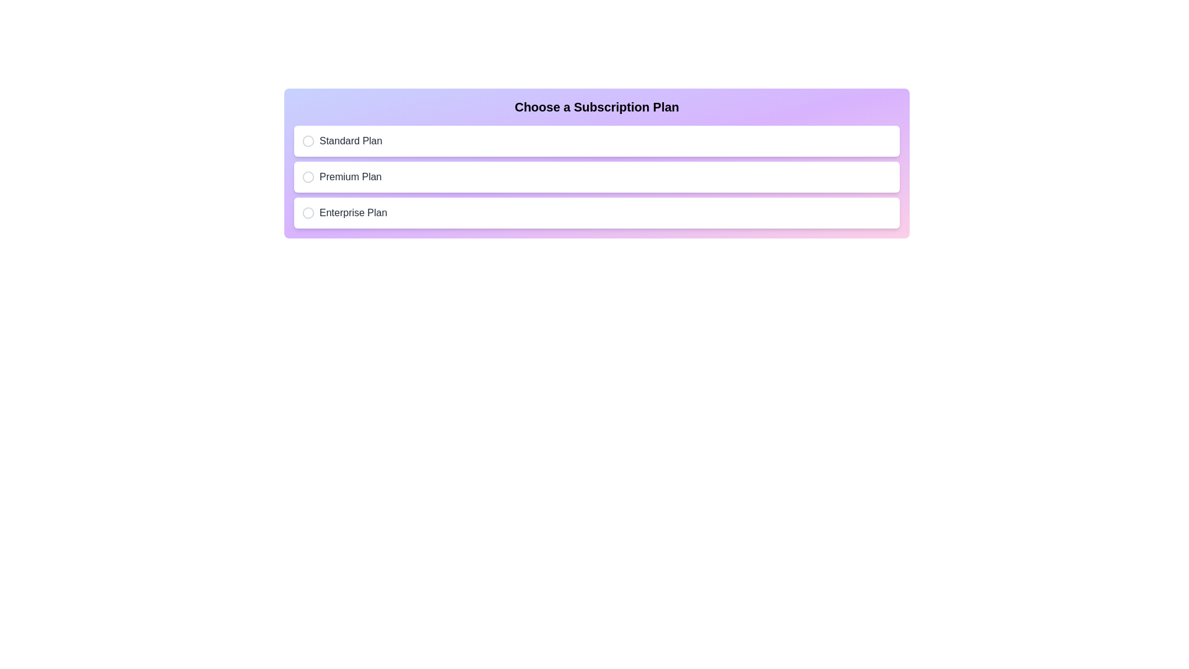 This screenshot has width=1189, height=669. Describe the element at coordinates (597, 212) in the screenshot. I see `the 'Enterprise Plan' selectable option in the subscription plans list` at that location.